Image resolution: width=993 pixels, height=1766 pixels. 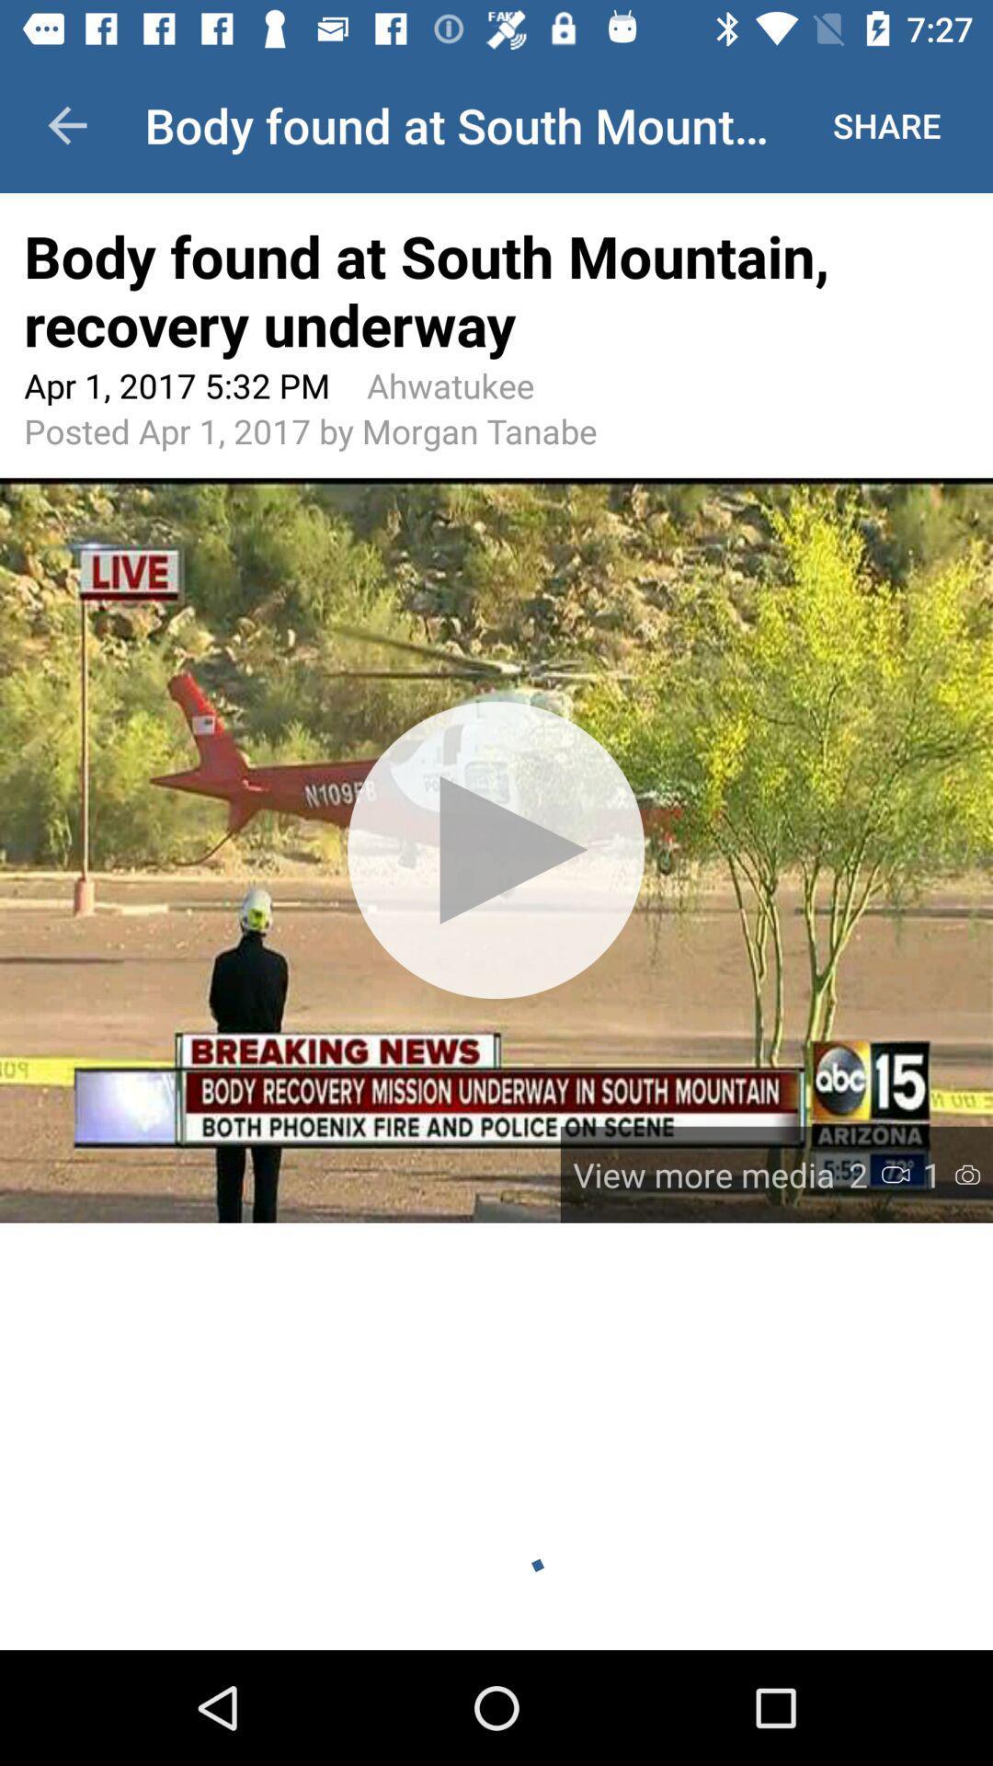 I want to click on the app to the right of body found at item, so click(x=885, y=124).